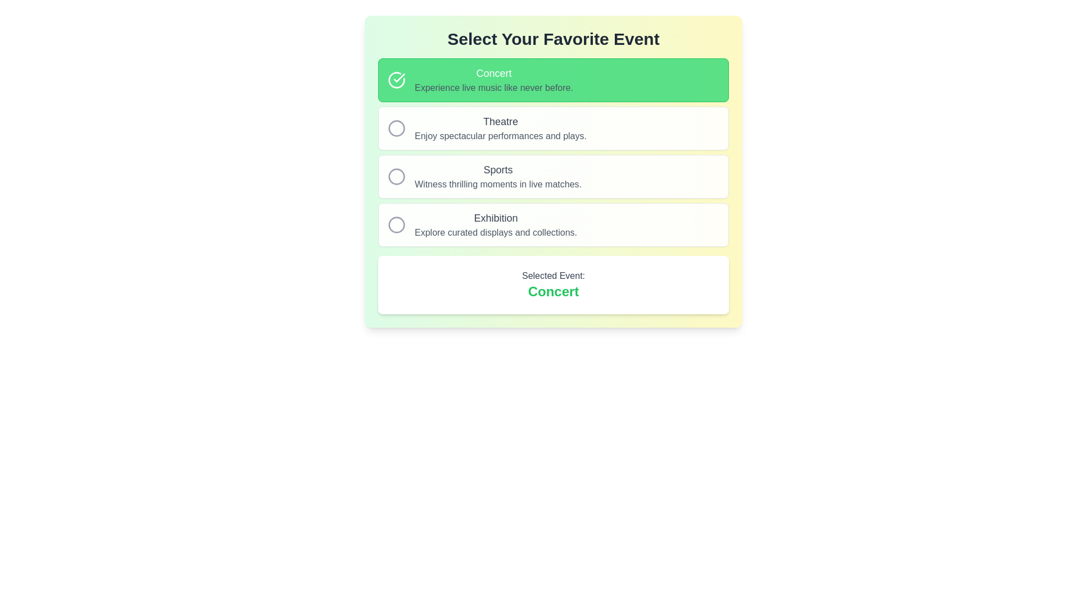  Describe the element at coordinates (553, 153) in the screenshot. I see `the 'Theatre' button, which is the second option in the list of events` at that location.